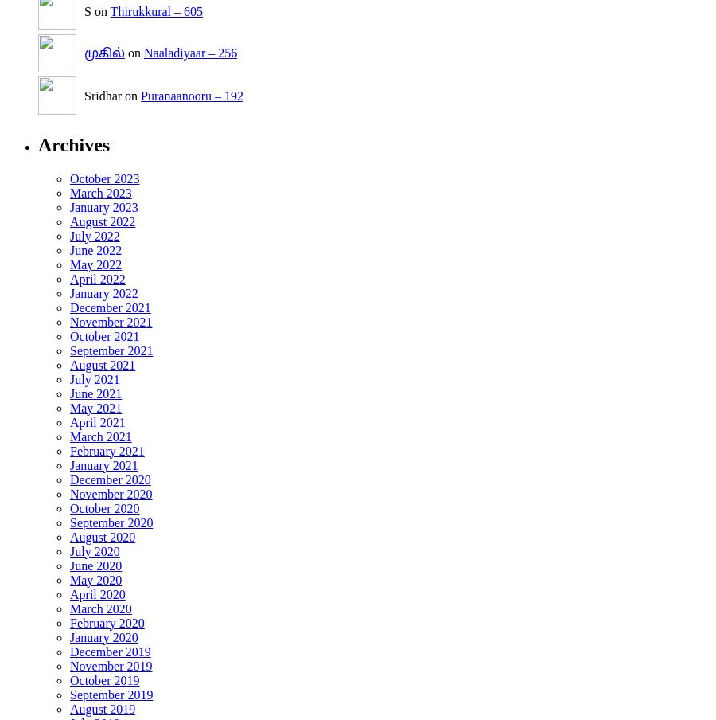 Image resolution: width=716 pixels, height=720 pixels. I want to click on 'March 2021', so click(100, 436).